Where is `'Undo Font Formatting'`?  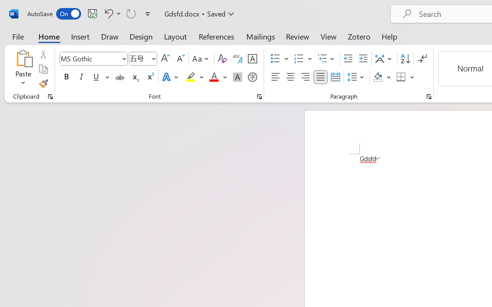
'Undo Font Formatting' is located at coordinates (111, 13).